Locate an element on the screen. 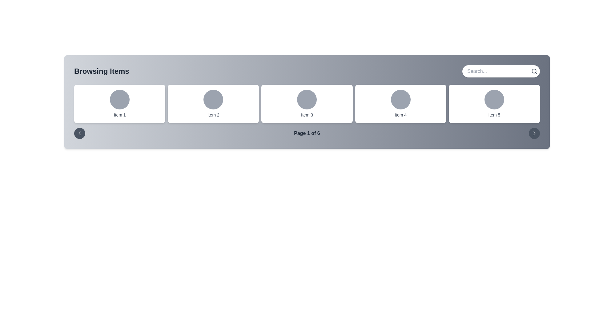 The height and width of the screenshot is (332, 591). the icon representing 'Item 3' in the panel is located at coordinates (307, 99).